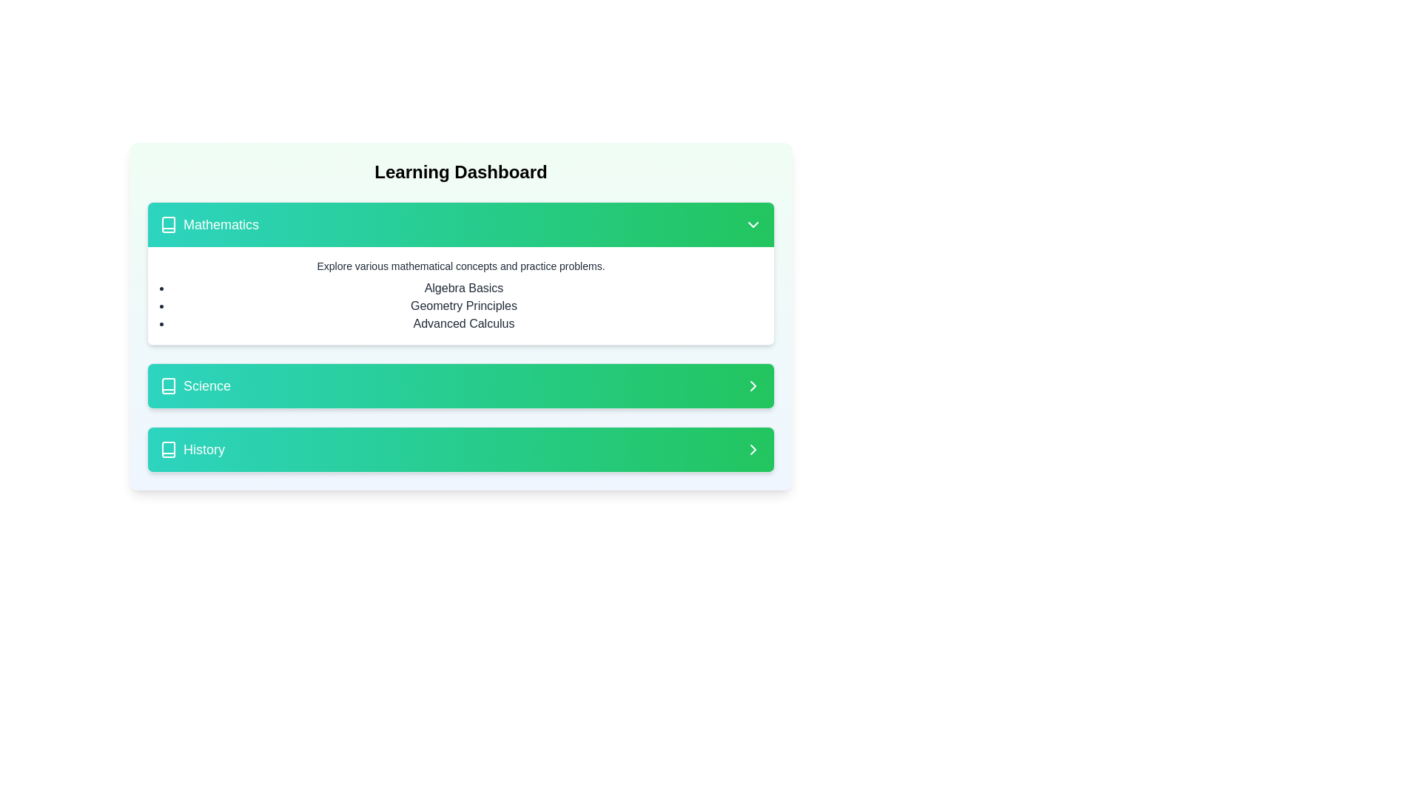 The image size is (1421, 799). Describe the element at coordinates (168, 225) in the screenshot. I see `the 'Mathematics' section icon, which is located near the top-left corner of the 'Mathematics' section header, aligned horizontally with the 'Mathematics' text label` at that location.